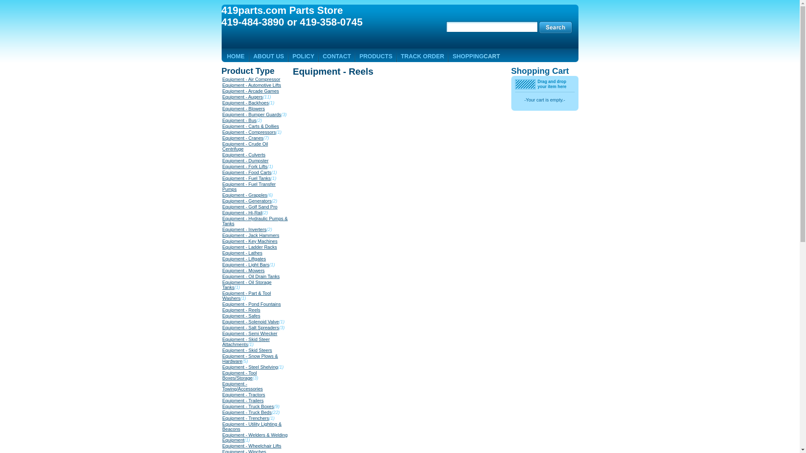 Image resolution: width=806 pixels, height=453 pixels. Describe the element at coordinates (222, 146) in the screenshot. I see `'Equipment - Crude Oil Centrifuge'` at that location.